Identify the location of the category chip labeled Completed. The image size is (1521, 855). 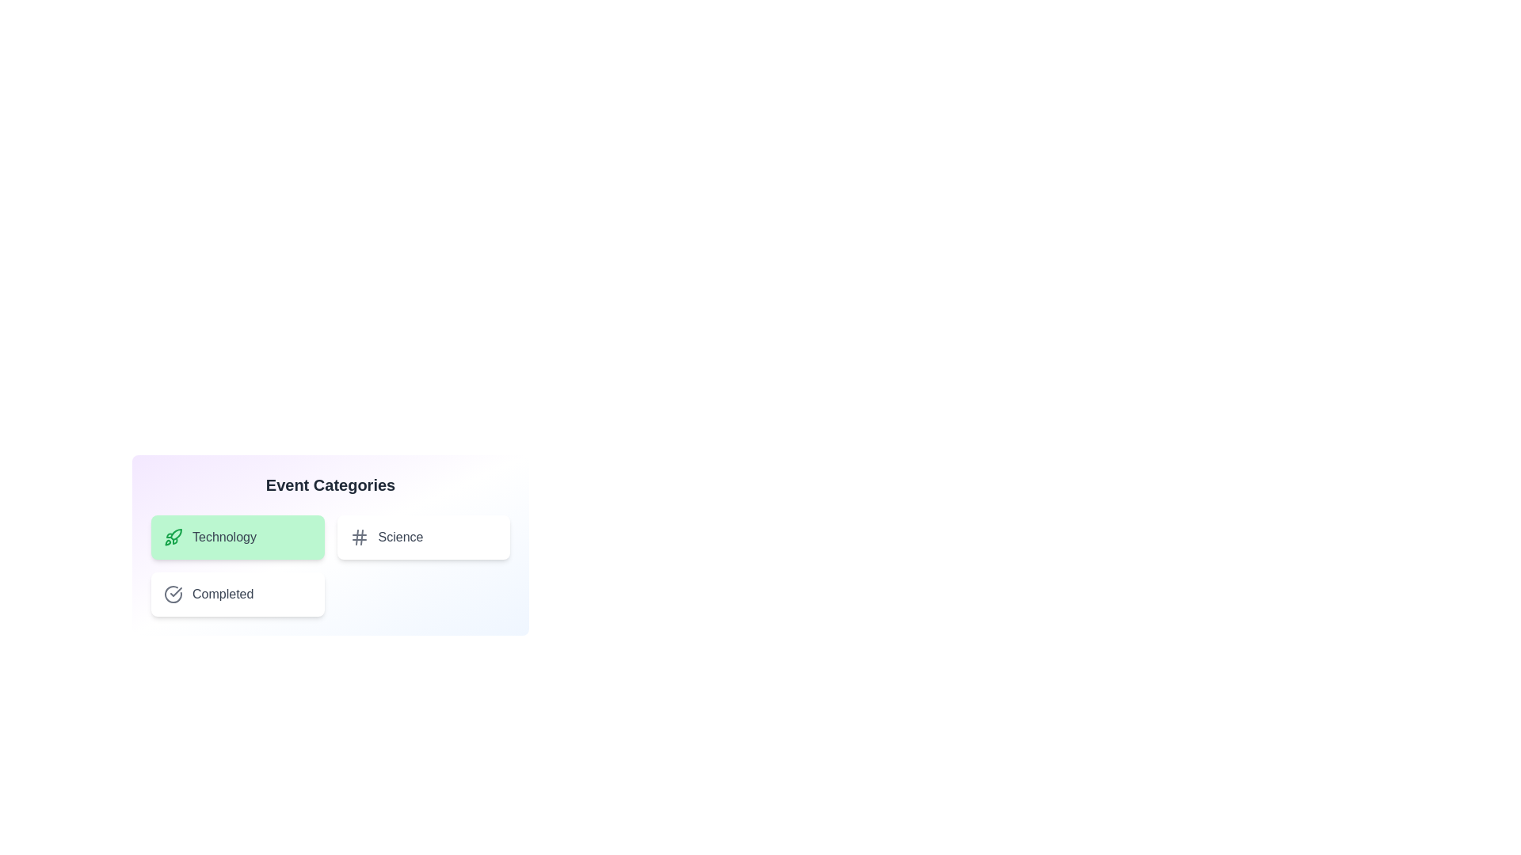
(237, 595).